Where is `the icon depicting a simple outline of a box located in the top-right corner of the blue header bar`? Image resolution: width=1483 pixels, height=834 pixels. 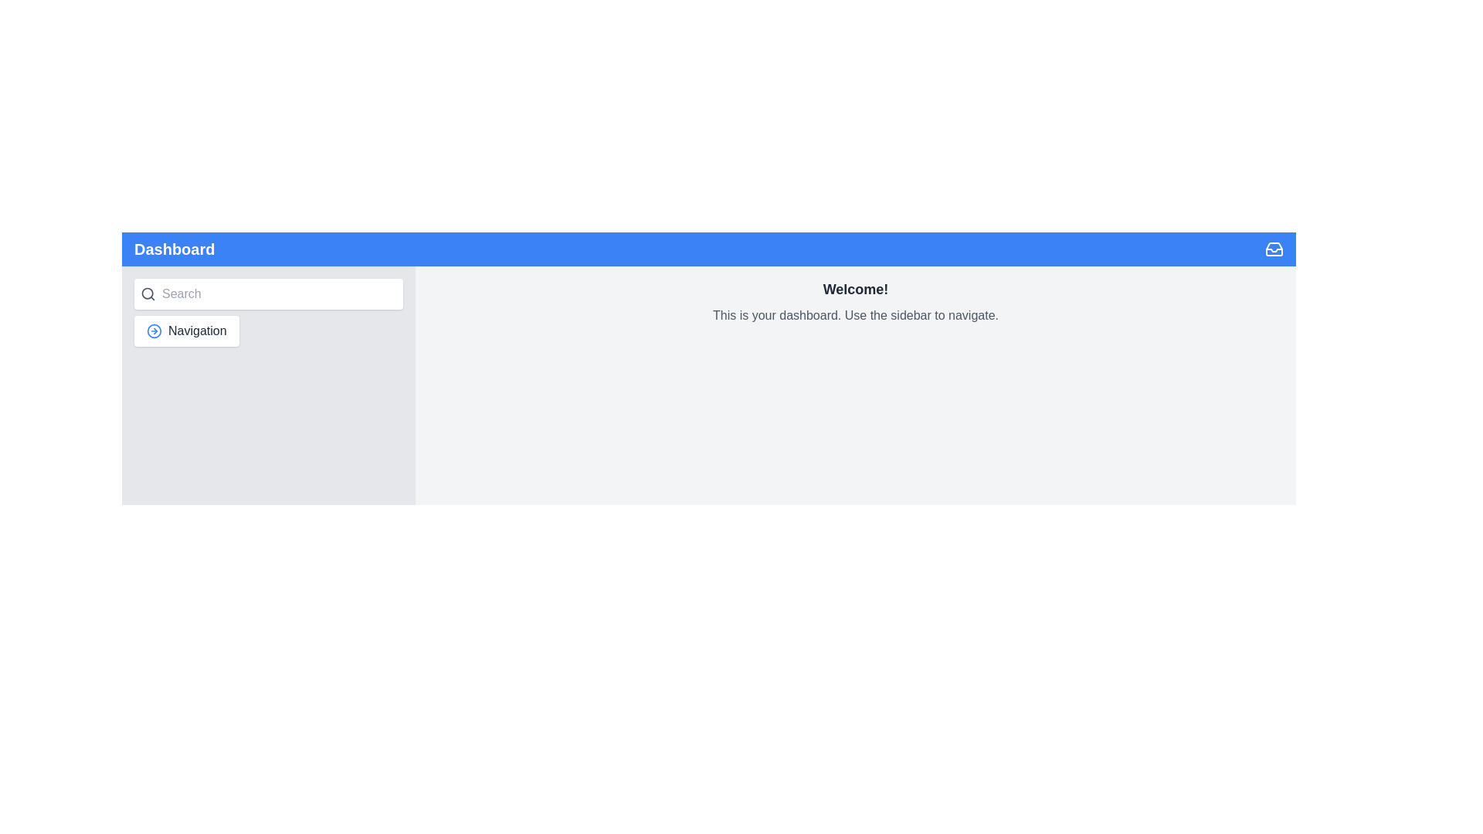 the icon depicting a simple outline of a box located in the top-right corner of the blue header bar is located at coordinates (1274, 249).